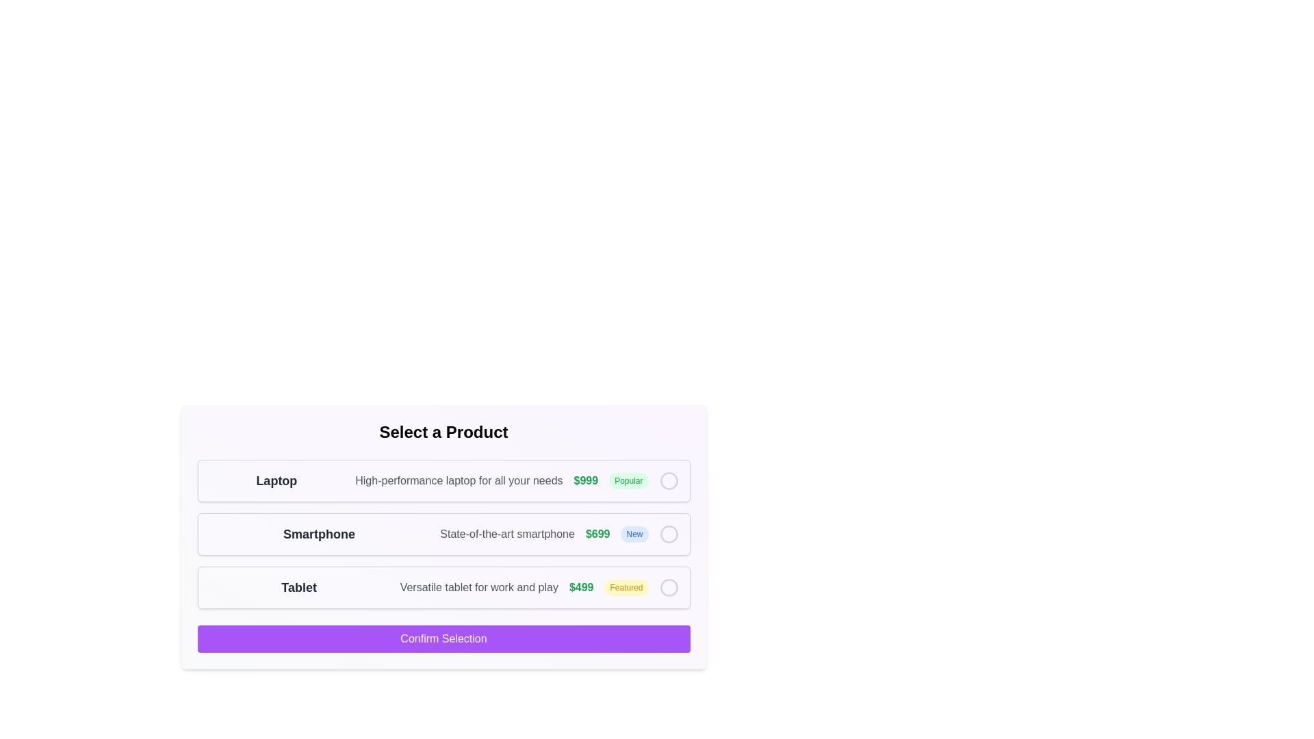  What do you see at coordinates (581, 587) in the screenshot?
I see `the static text label displaying the price '$499', which is styled in a bold green font and located within the product card for 'Tablet'` at bounding box center [581, 587].